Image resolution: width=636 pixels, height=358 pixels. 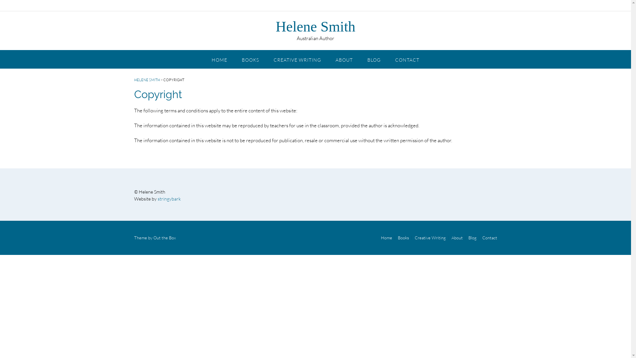 I want to click on 'Helene Smith', so click(x=275, y=27).